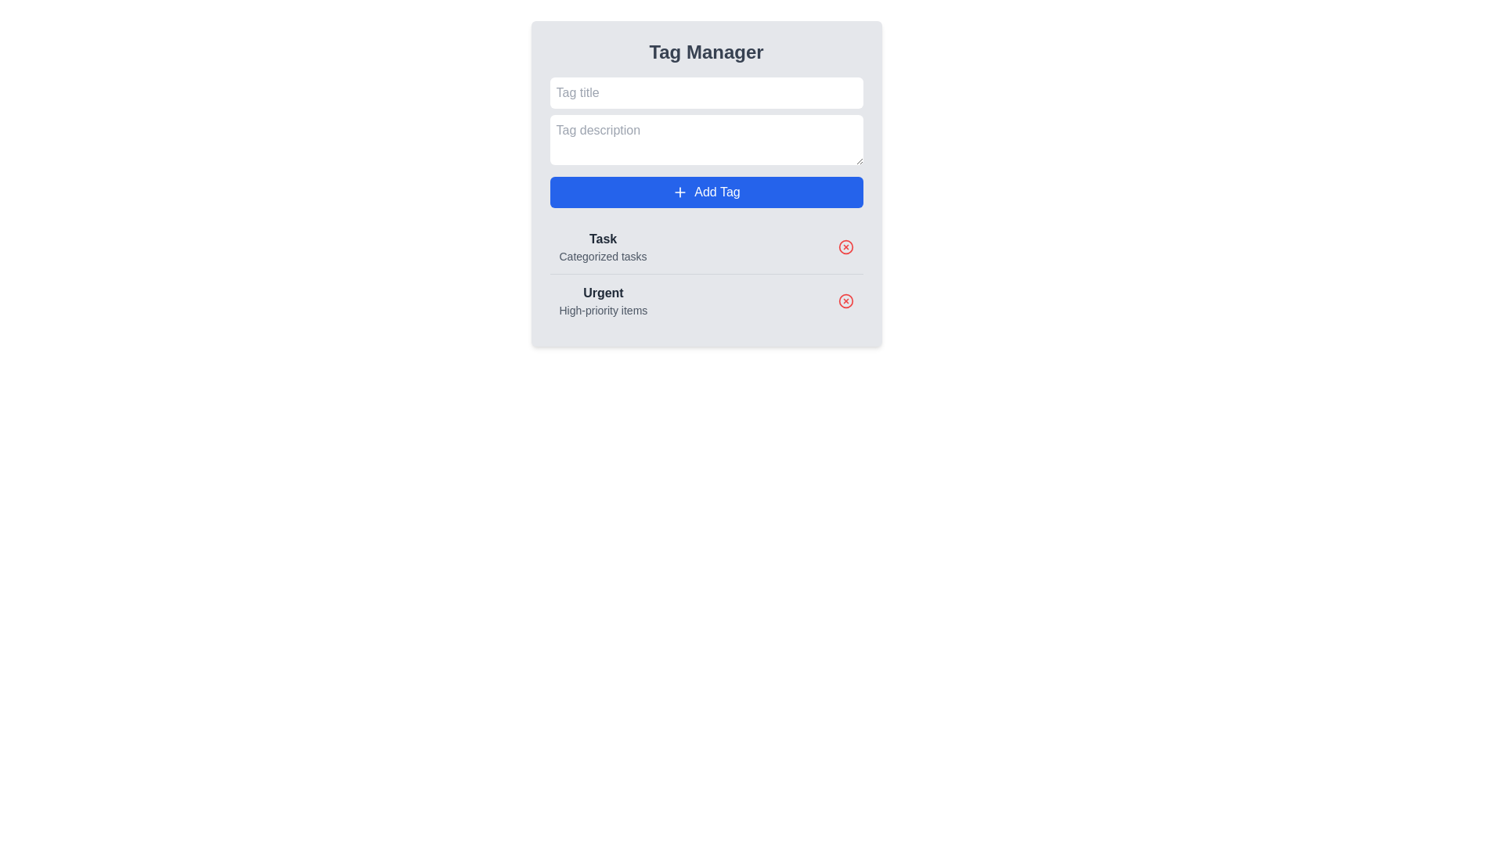 The image size is (1503, 845). I want to click on text content of the task item entry located in the categorized task list, which is the second task below the 'Task' section, so click(705, 300).